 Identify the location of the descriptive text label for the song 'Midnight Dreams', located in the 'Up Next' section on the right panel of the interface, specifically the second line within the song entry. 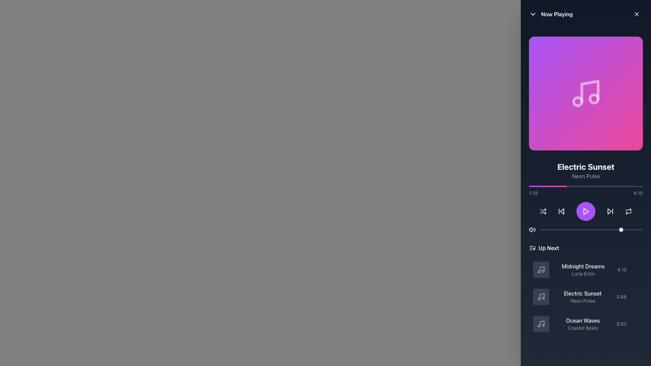
(583, 273).